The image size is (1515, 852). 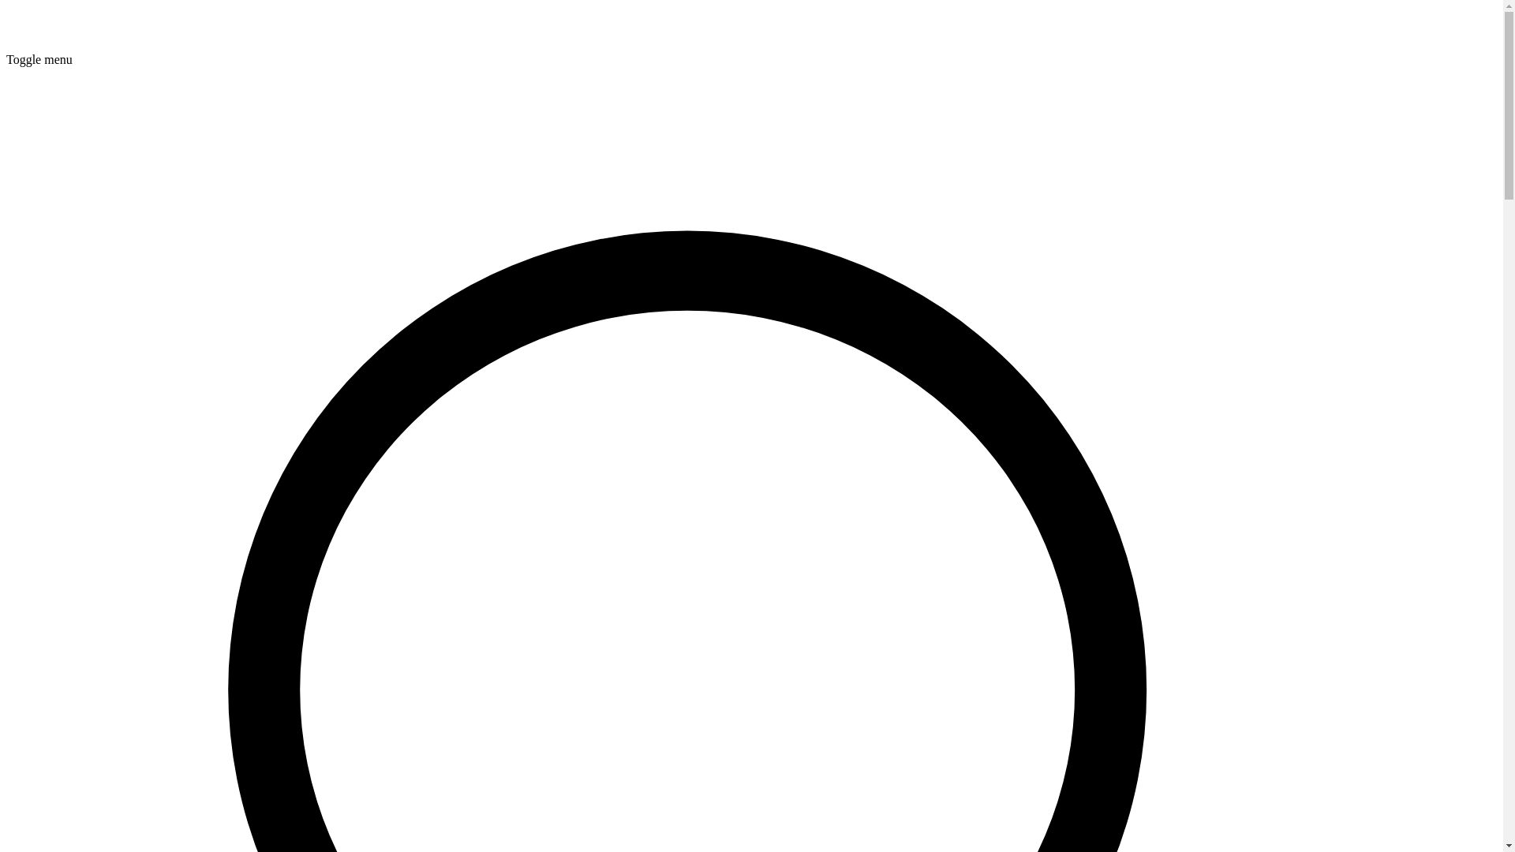 I want to click on 'Back to home', so click(x=40, y=44).